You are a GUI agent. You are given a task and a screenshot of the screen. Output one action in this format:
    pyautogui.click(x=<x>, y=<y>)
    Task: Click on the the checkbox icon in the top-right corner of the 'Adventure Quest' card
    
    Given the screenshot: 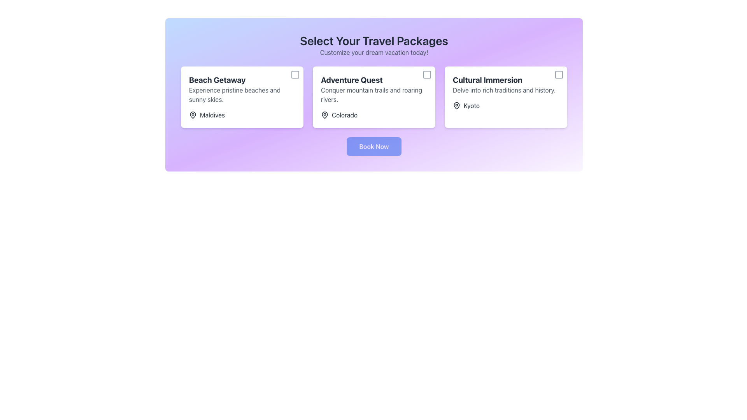 What is the action you would take?
    pyautogui.click(x=427, y=75)
    